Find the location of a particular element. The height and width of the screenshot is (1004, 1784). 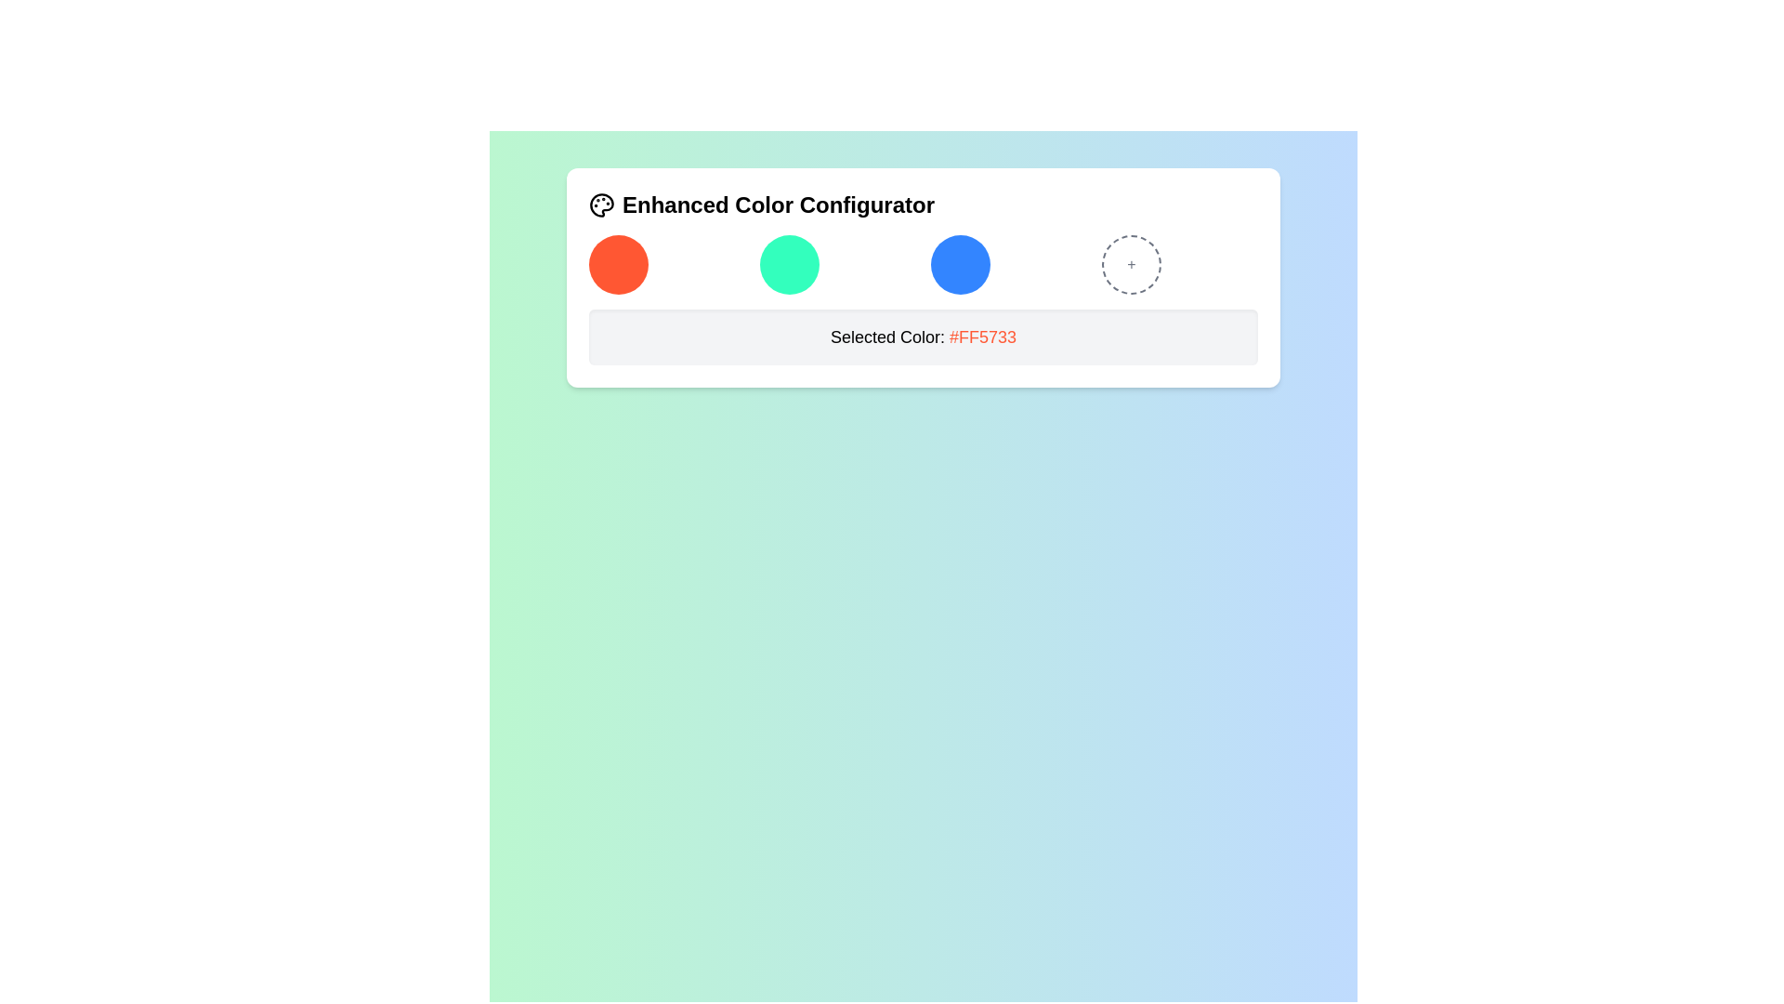

the color palette icon located to the left of the 'Enhanced Color Configurator' title, which features a circular base with smaller circles representing paint colors is located at coordinates (602, 205).